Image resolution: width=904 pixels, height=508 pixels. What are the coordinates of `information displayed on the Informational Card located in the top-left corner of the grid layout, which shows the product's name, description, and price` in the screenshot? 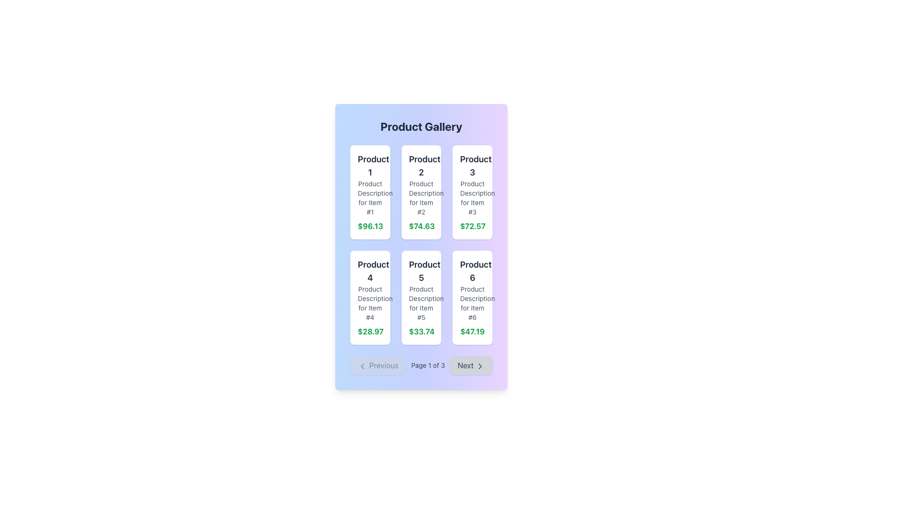 It's located at (370, 191).